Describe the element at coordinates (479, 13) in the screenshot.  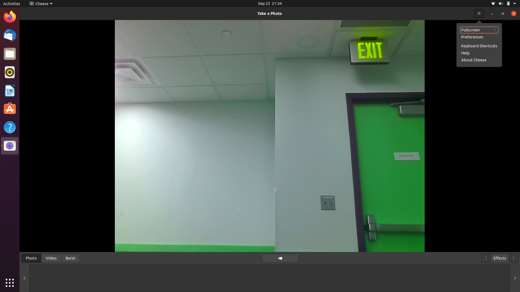
I see `See the camera in full screen view` at that location.